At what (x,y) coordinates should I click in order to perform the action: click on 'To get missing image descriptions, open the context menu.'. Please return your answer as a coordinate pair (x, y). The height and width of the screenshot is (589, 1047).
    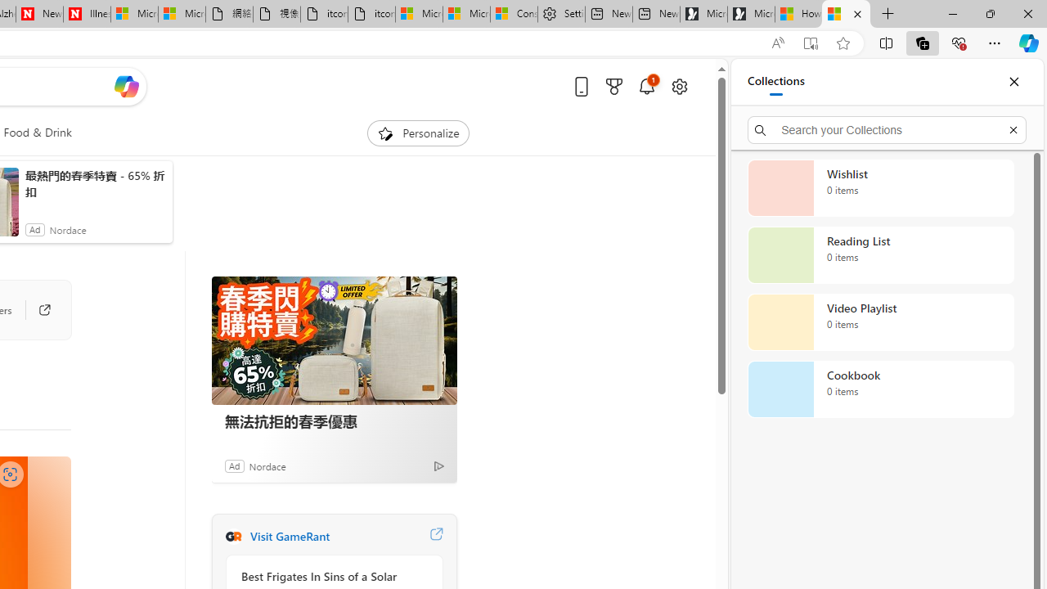
    Looking at the image, I should click on (384, 132).